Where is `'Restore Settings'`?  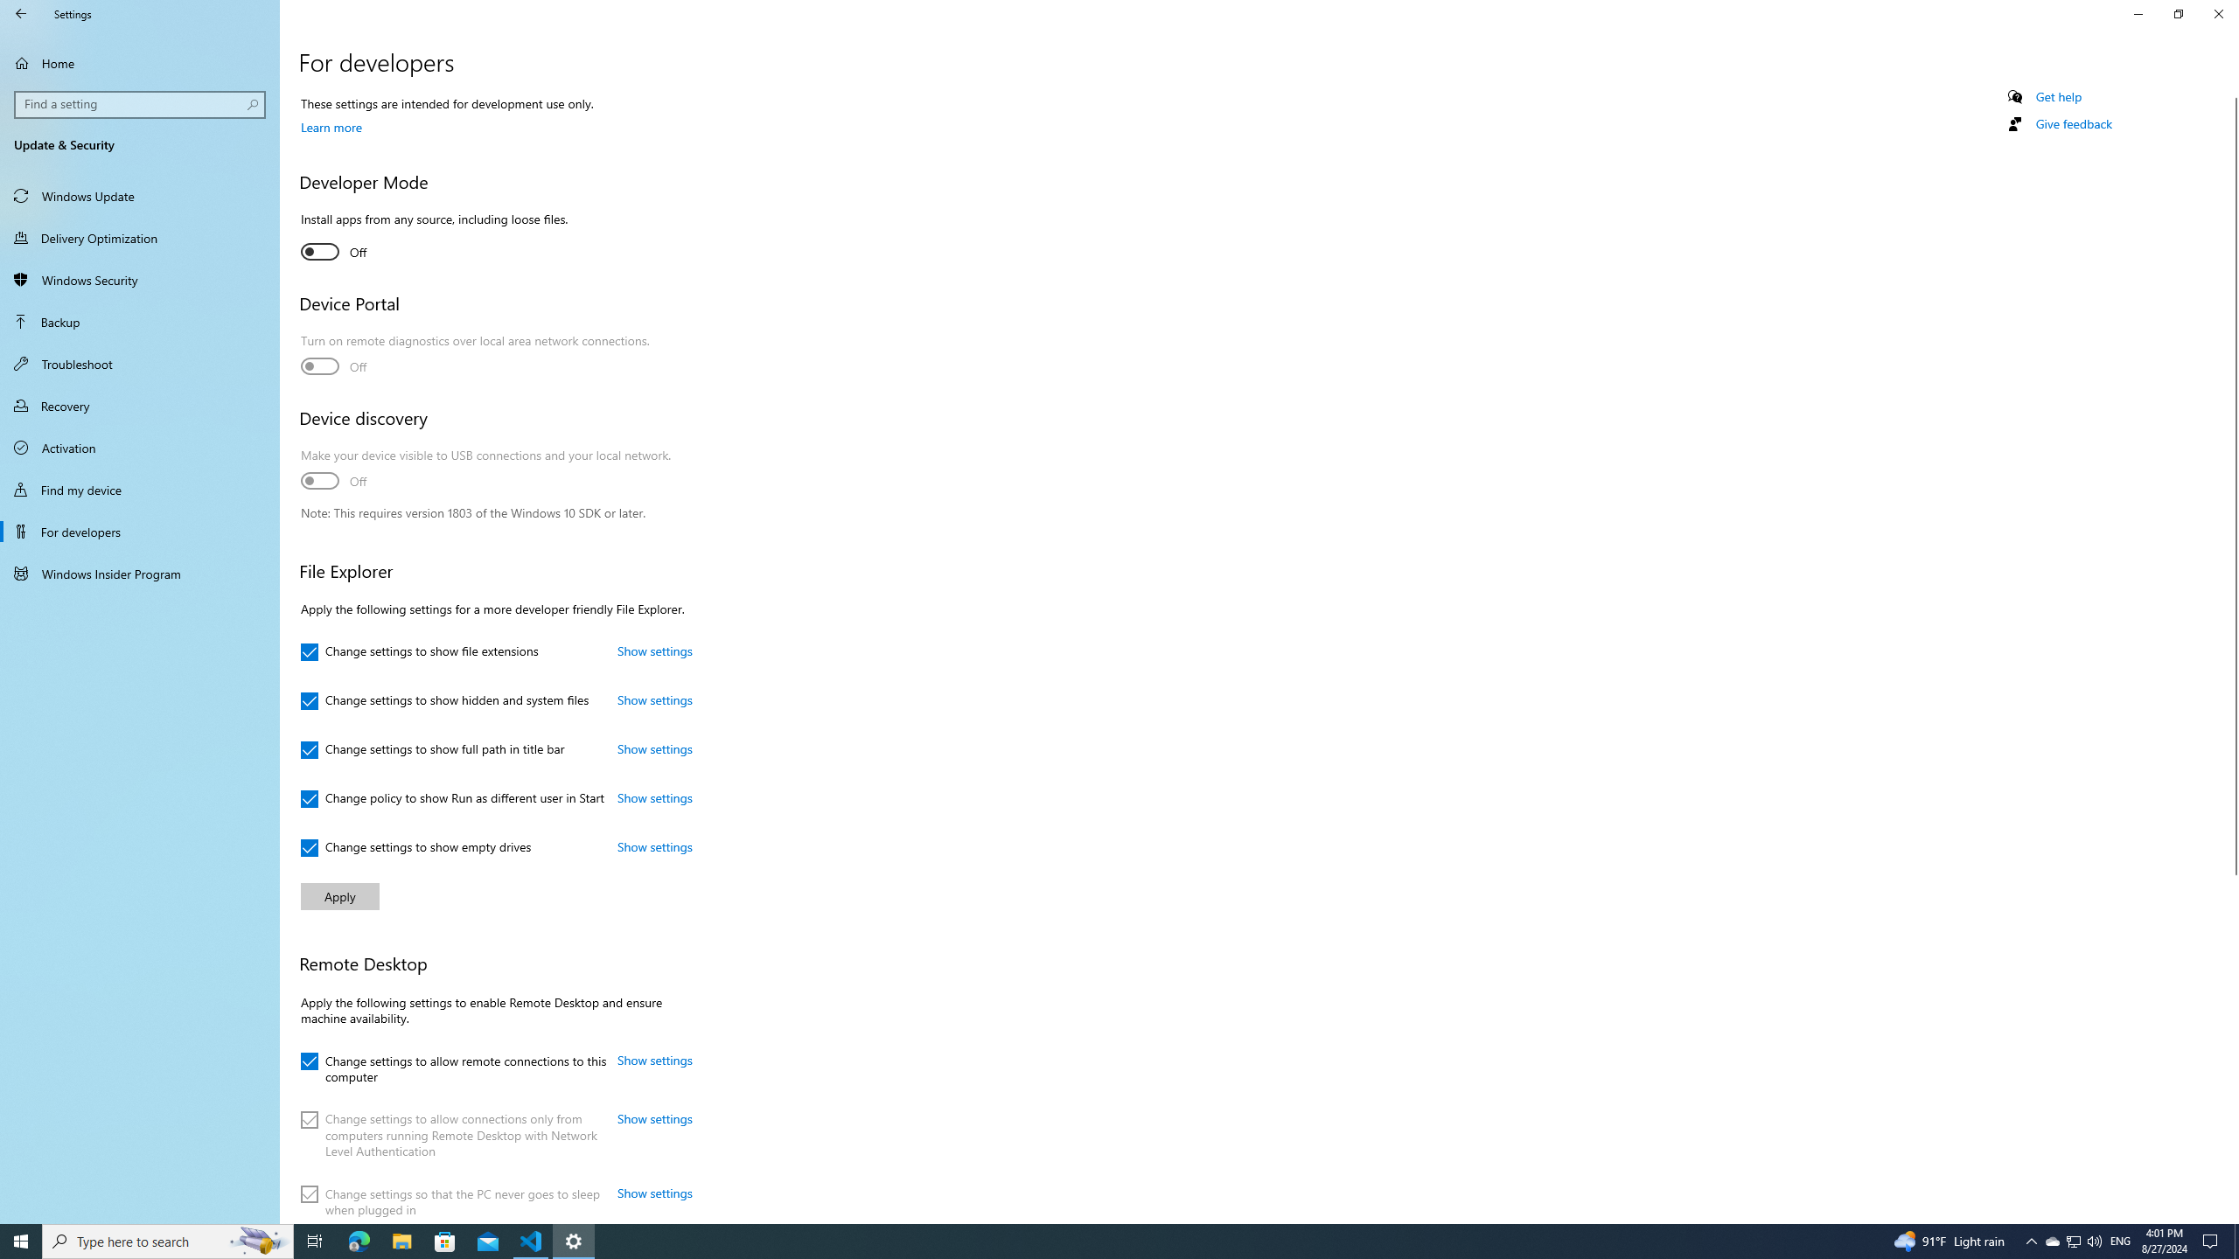 'Restore Settings' is located at coordinates (2178, 13).